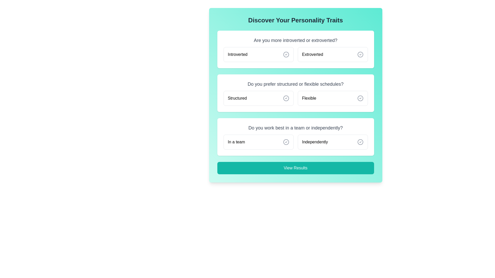  Describe the element at coordinates (286, 55) in the screenshot. I see `the circular checkbox with a checkmark inside, located in the top-right corner of the 'Introverted' answer option box` at that location.